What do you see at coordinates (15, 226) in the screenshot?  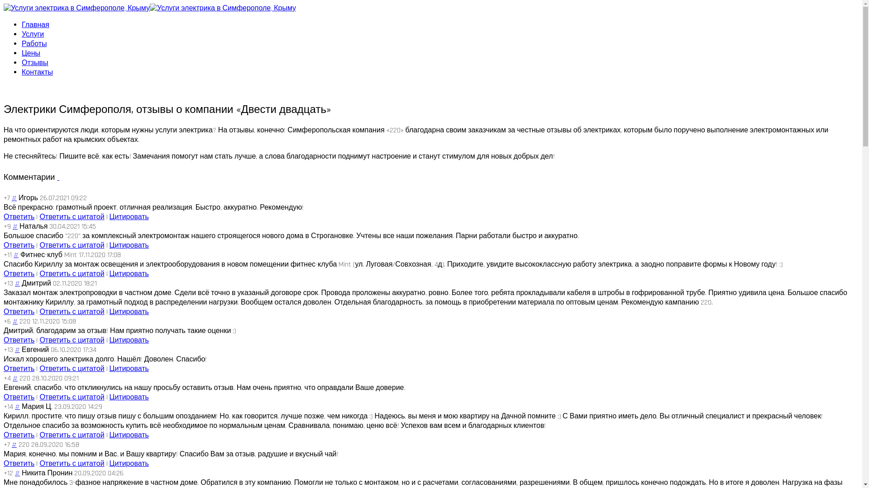 I see `'#'` at bounding box center [15, 226].